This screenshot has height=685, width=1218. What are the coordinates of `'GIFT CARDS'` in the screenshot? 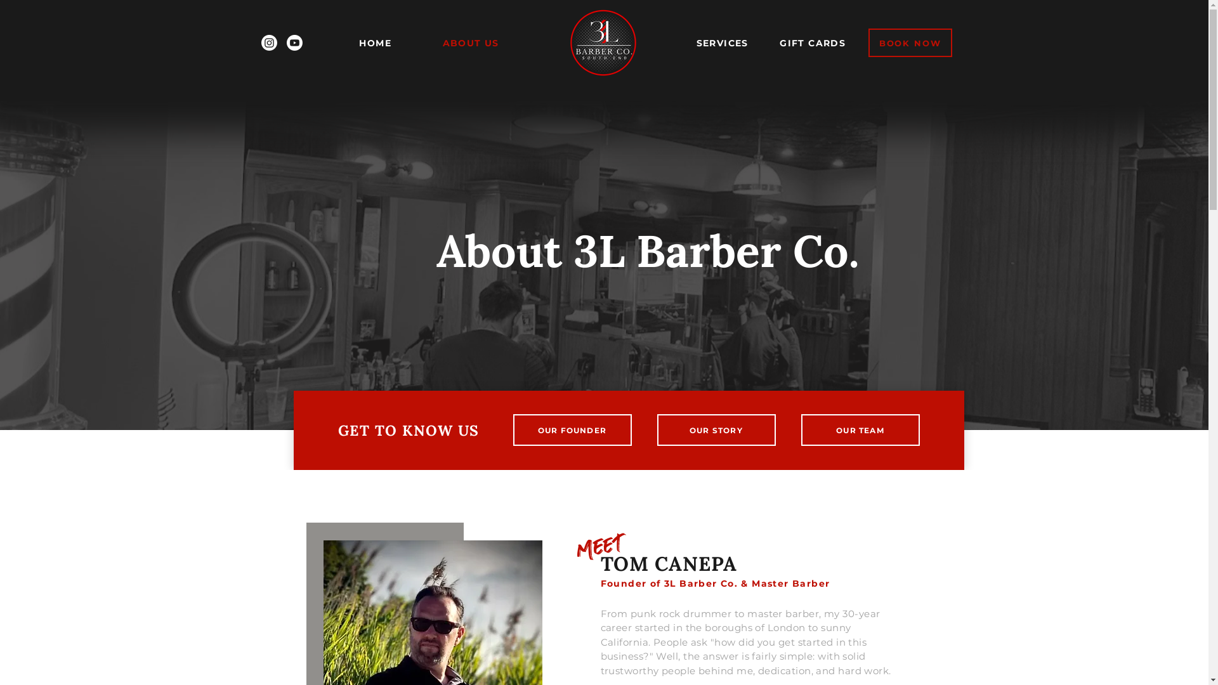 It's located at (813, 42).